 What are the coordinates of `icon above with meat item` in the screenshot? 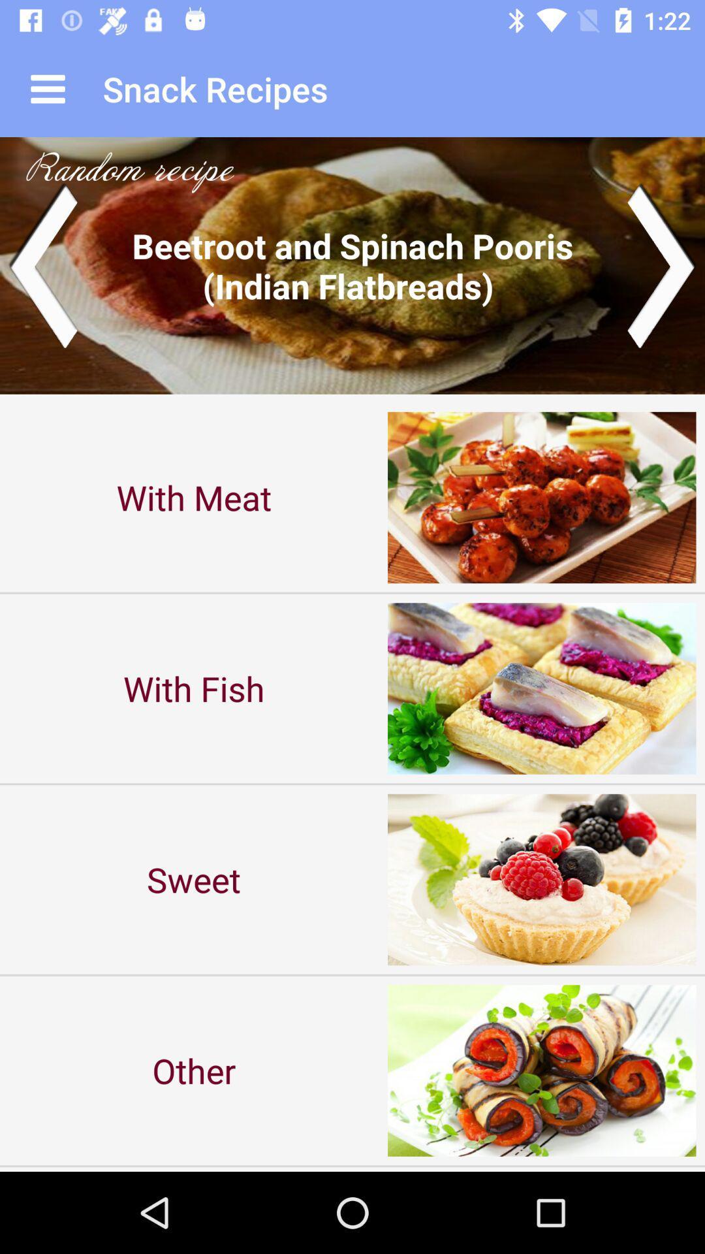 It's located at (352, 265).